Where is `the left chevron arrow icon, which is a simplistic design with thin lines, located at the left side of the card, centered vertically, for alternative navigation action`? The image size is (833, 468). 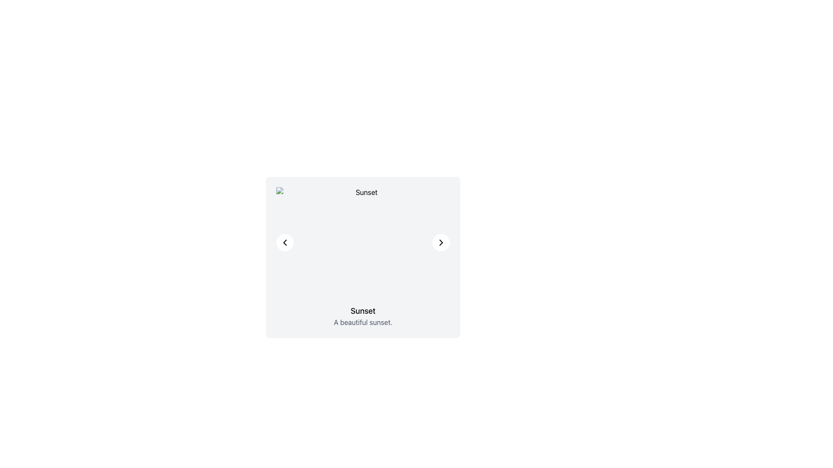
the left chevron arrow icon, which is a simplistic design with thin lines, located at the left side of the card, centered vertically, for alternative navigation action is located at coordinates (285, 242).